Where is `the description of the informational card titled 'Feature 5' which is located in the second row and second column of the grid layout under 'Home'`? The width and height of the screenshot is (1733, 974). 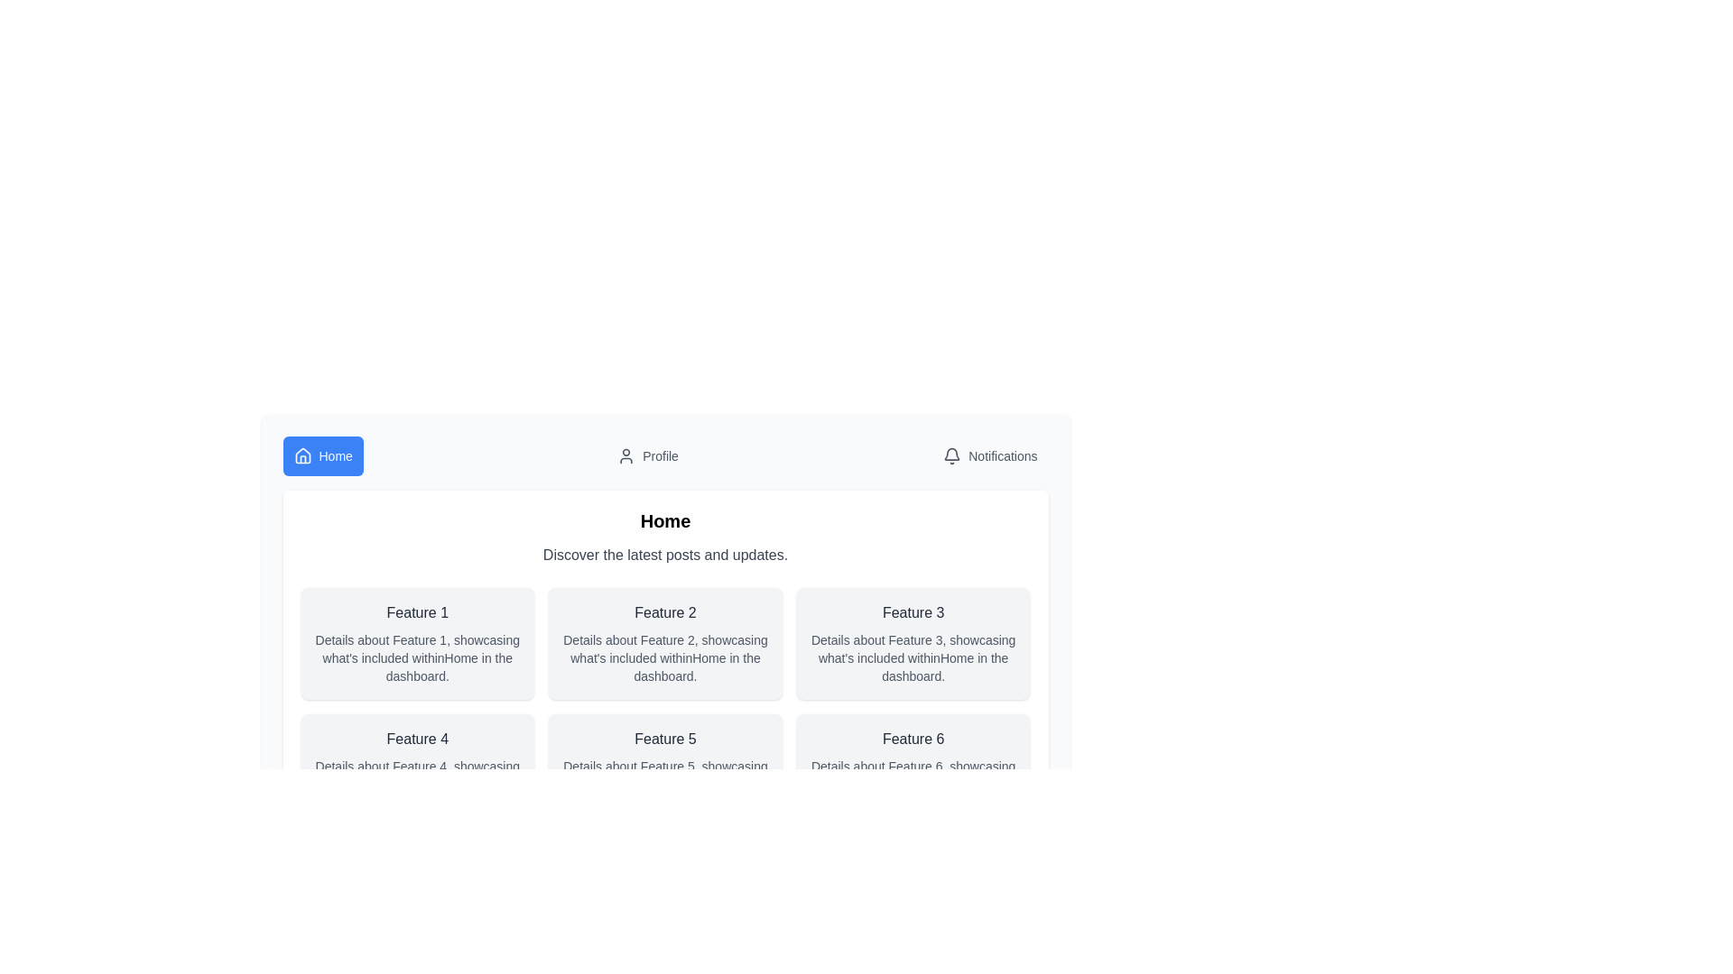
the description of the informational card titled 'Feature 5' which is located in the second row and second column of the grid layout under 'Home' is located at coordinates (664, 769).